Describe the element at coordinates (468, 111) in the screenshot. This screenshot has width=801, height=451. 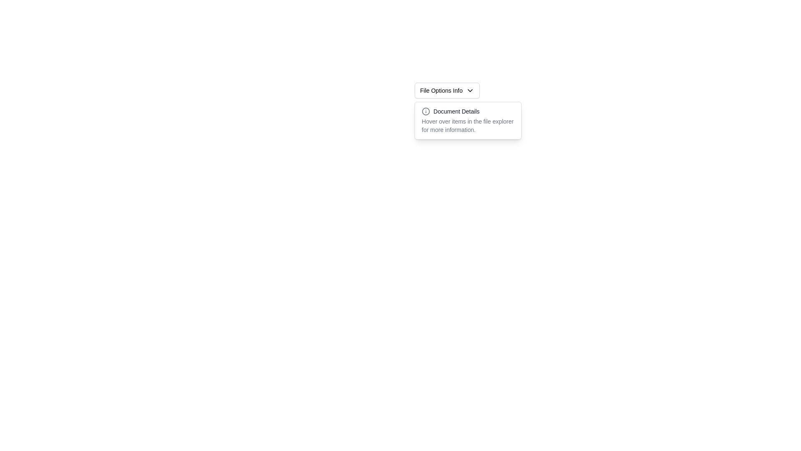
I see `the Informational Label that serves as a heading for subsequent information, located above the text 'Hover over items in the file explorer for more information.' and following the dropdown labeled 'File Options Info.'` at that location.